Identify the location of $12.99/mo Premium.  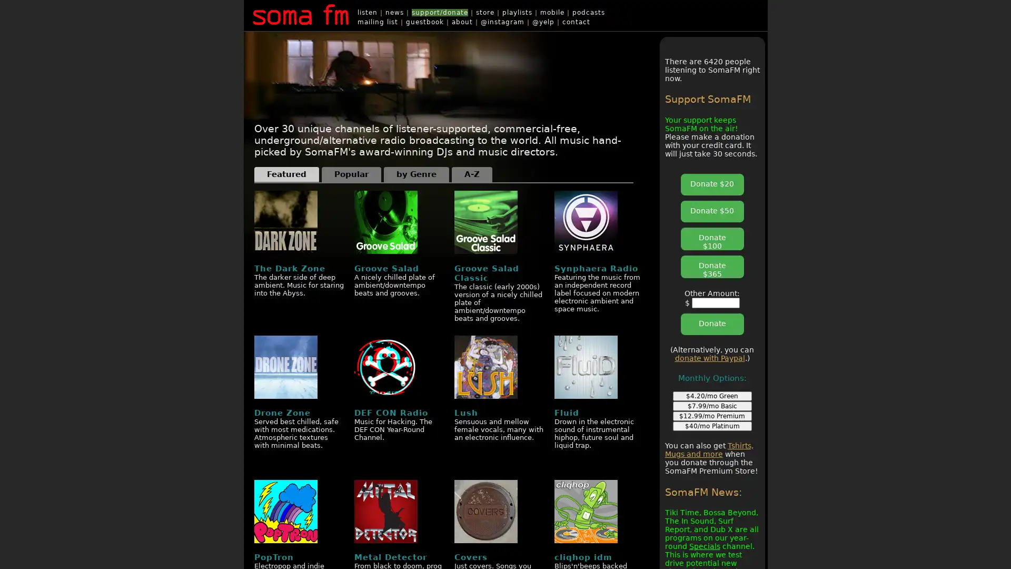
(712, 415).